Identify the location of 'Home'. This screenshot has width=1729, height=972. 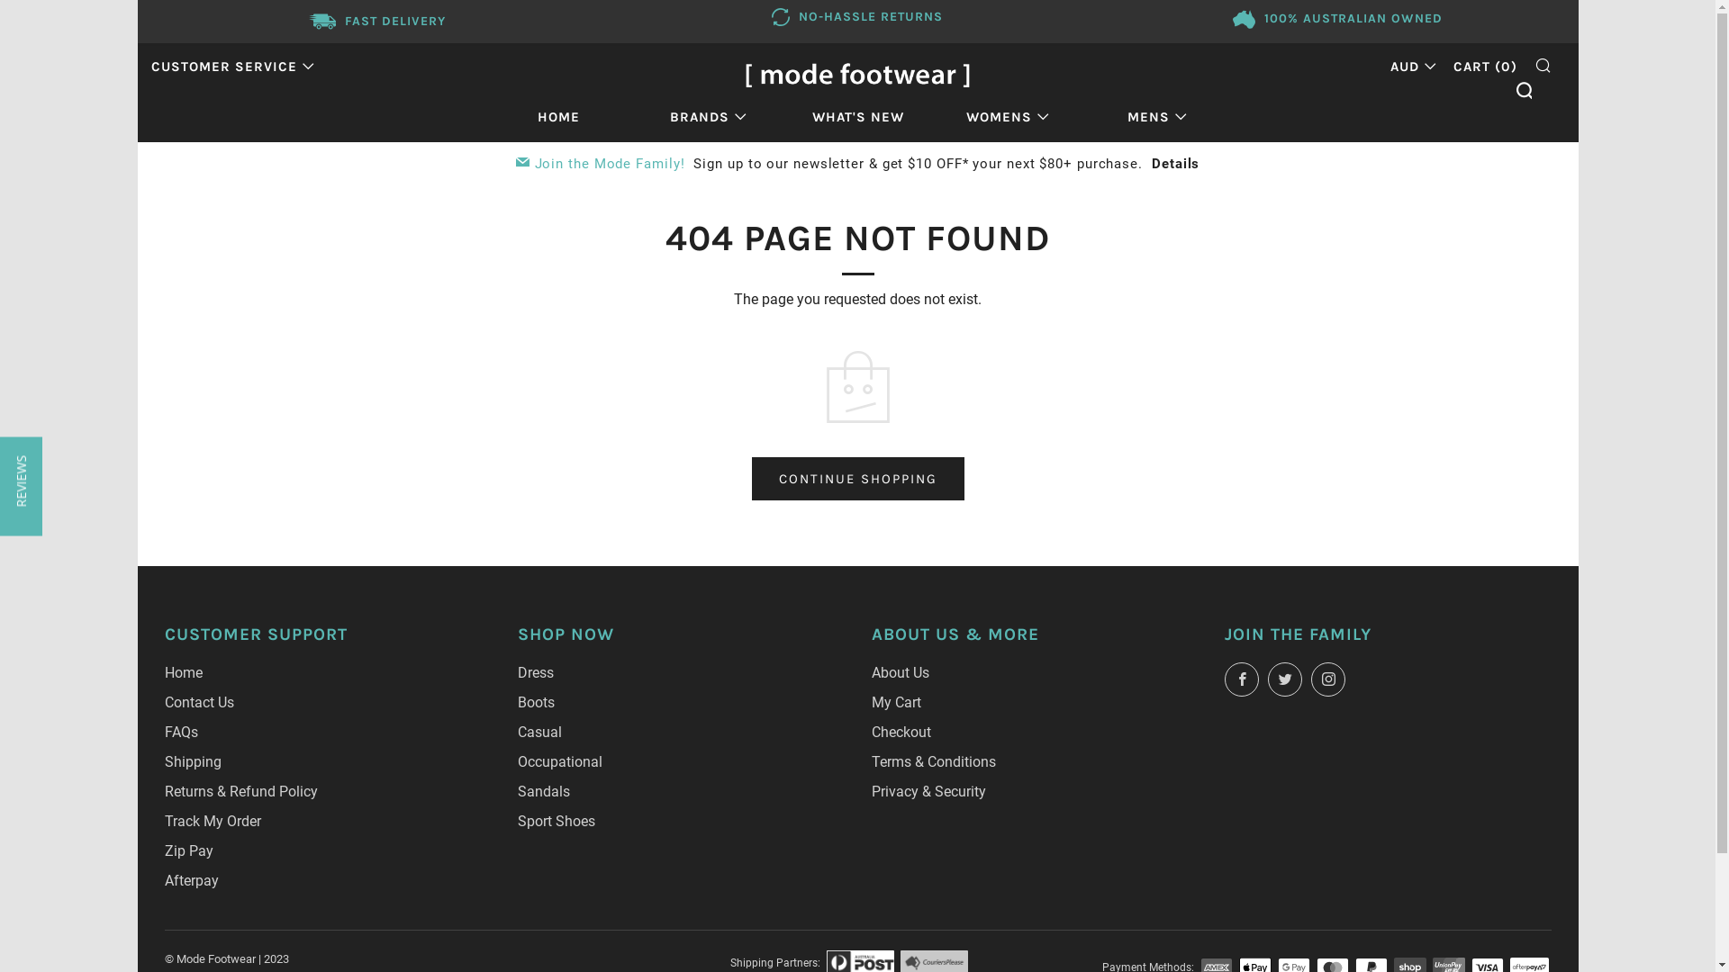
(164, 672).